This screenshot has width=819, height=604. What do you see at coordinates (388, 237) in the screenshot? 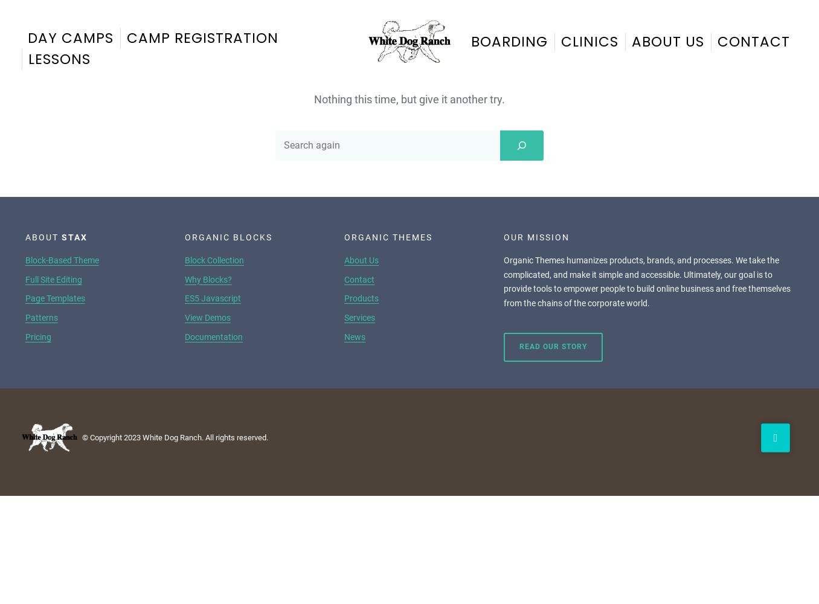
I see `'Organic Themes'` at bounding box center [388, 237].